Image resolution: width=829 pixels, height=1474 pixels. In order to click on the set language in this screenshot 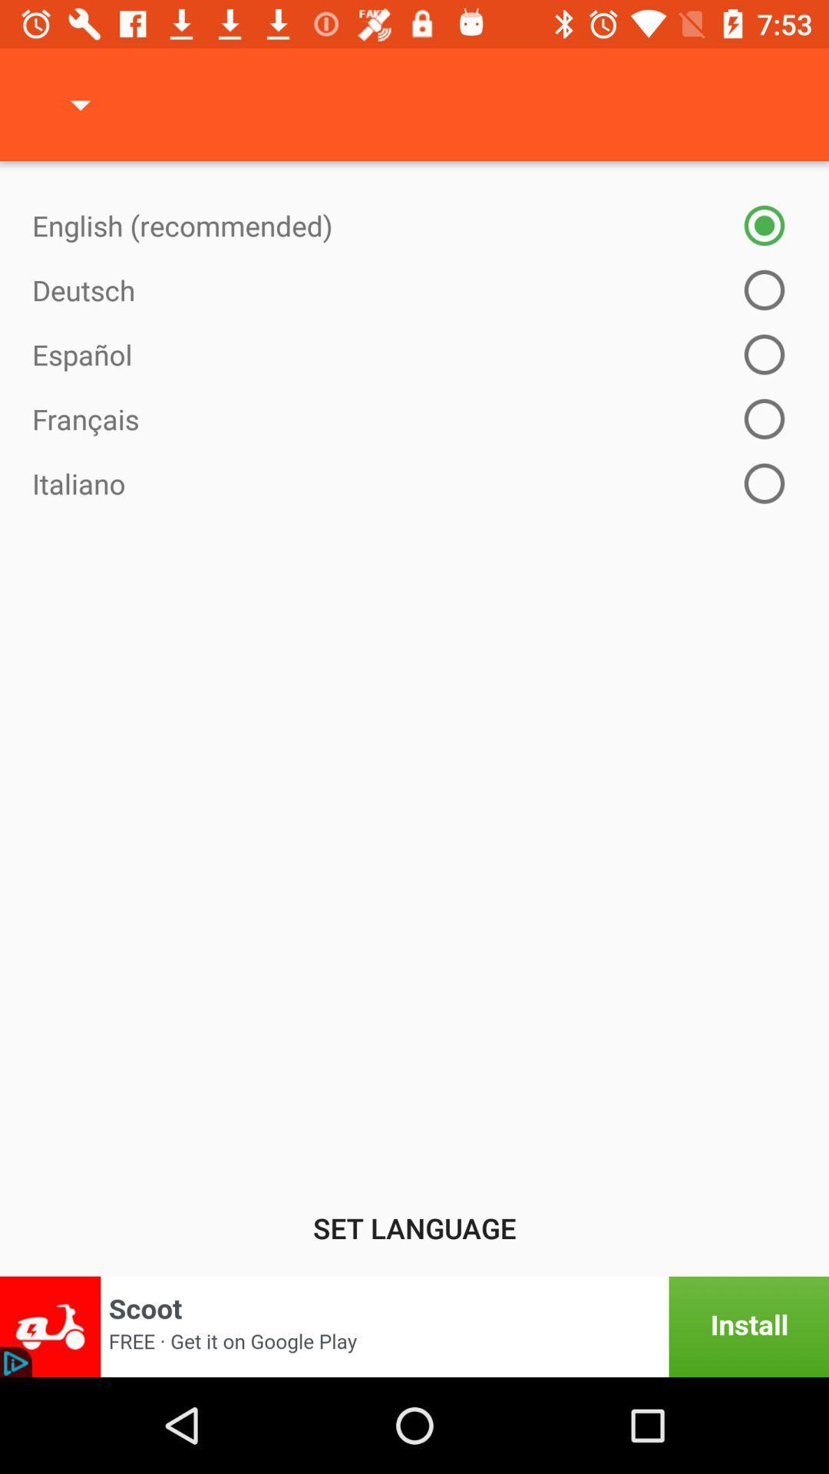, I will do `click(414, 1227)`.